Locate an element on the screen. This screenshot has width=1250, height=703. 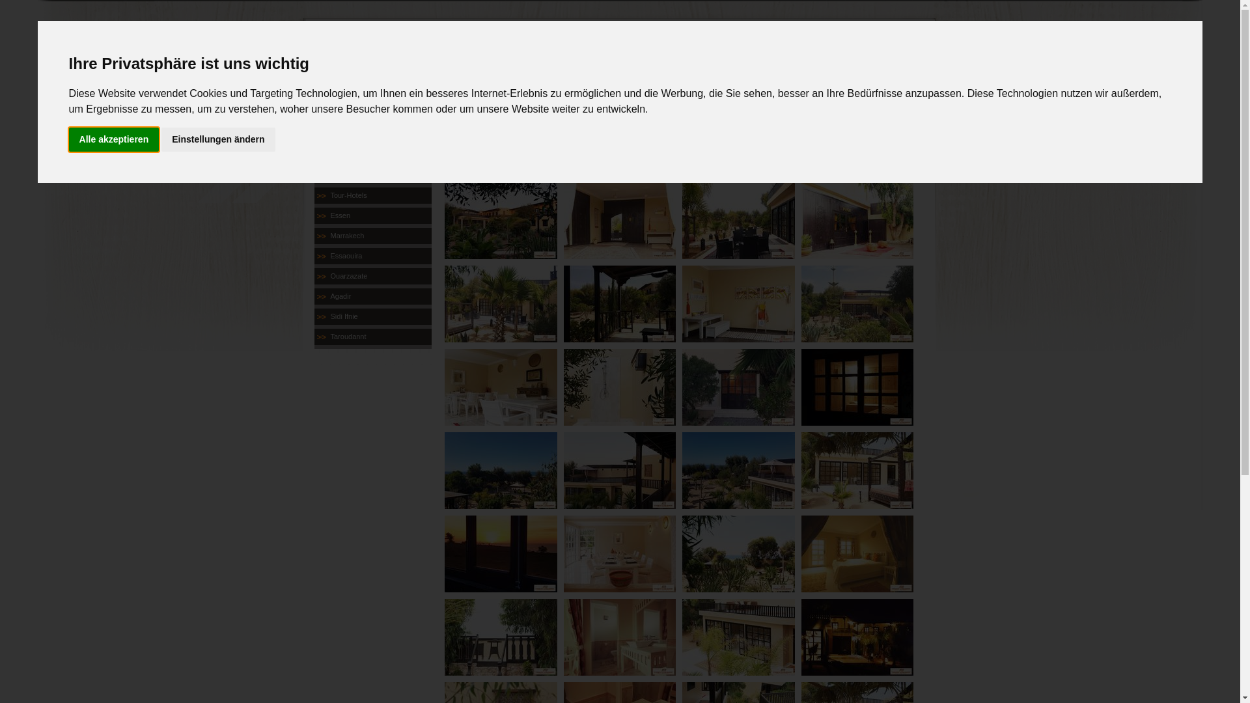
'Sidi Ifnie' is located at coordinates (371, 316).